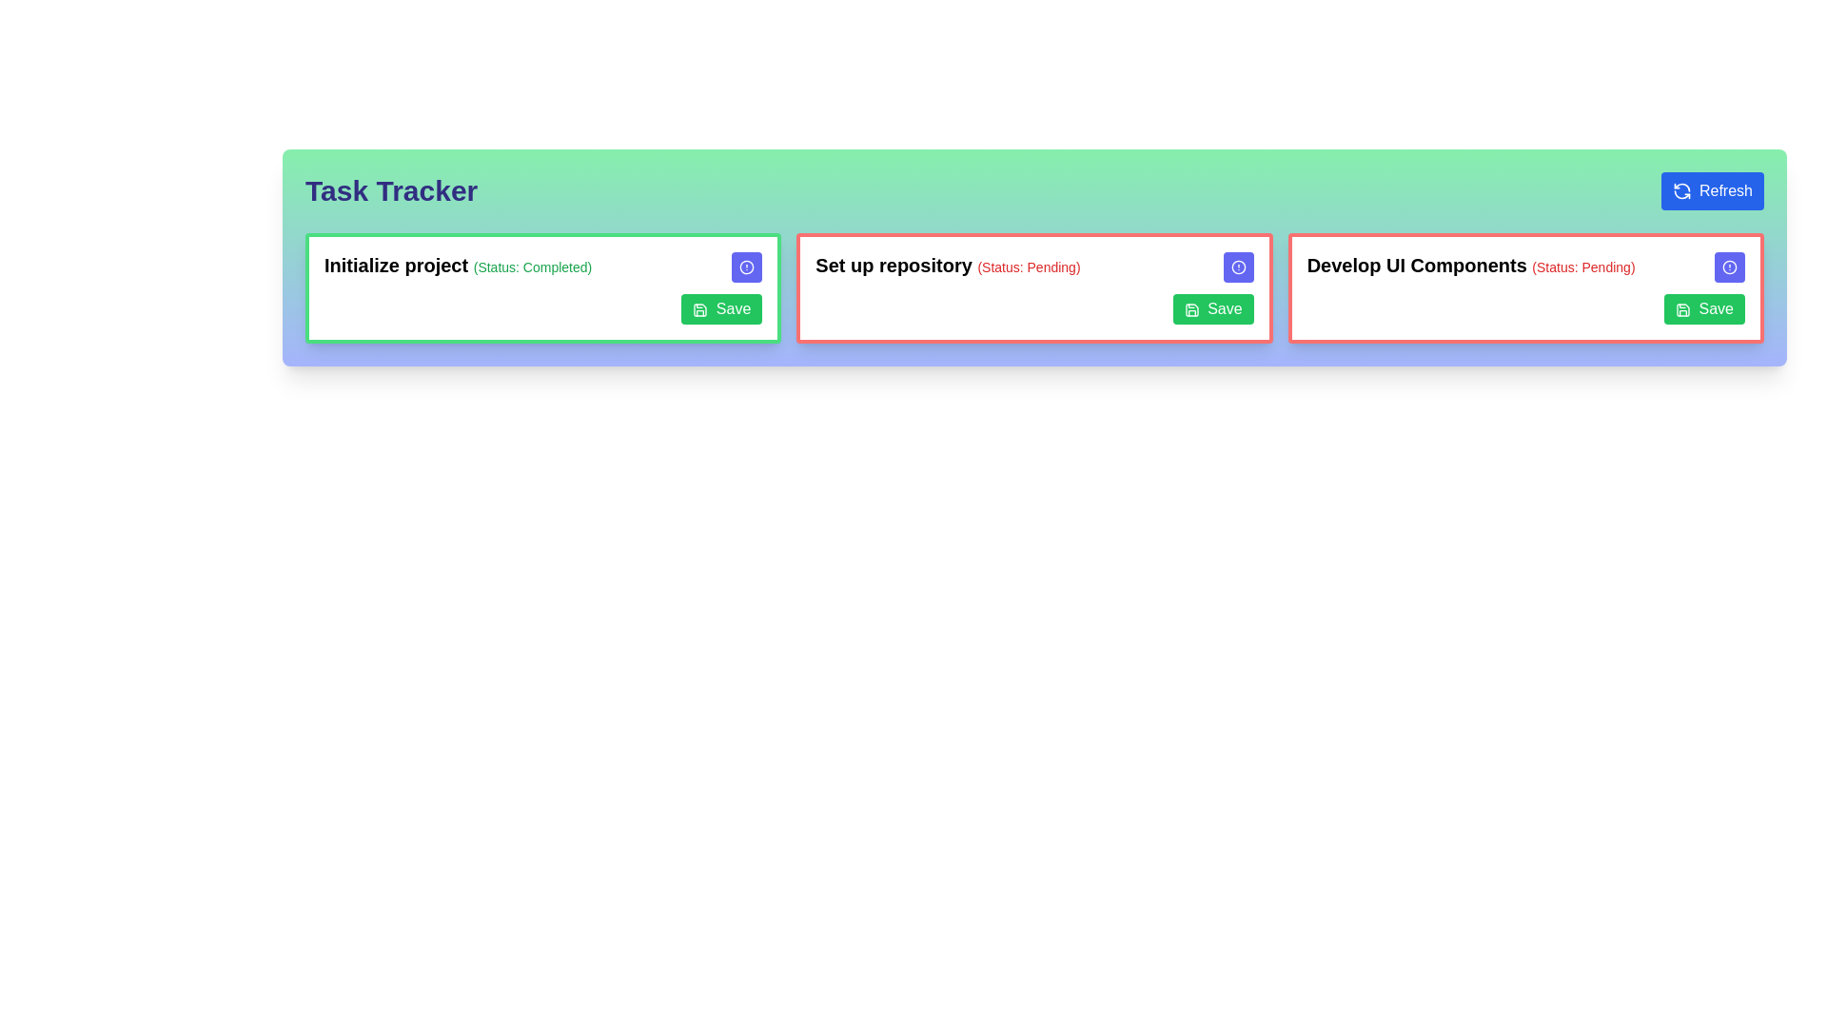 Image resolution: width=1827 pixels, height=1028 pixels. Describe the element at coordinates (1730, 267) in the screenshot. I see `the circular button with an icon located at the top-right corner of the 'Develop UI Components' card` at that location.